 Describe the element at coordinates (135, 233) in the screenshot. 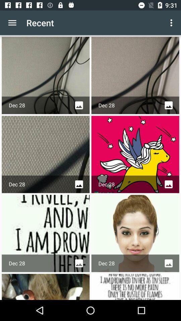

I see `third image from top right corner` at that location.